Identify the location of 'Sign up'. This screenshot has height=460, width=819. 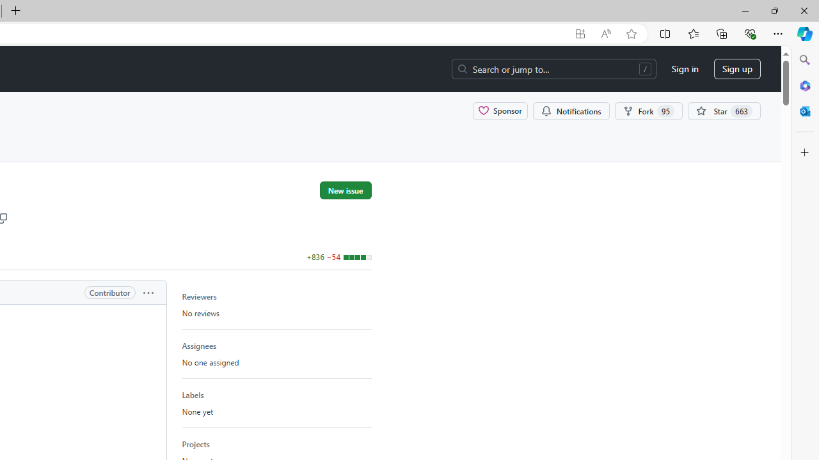
(737, 69).